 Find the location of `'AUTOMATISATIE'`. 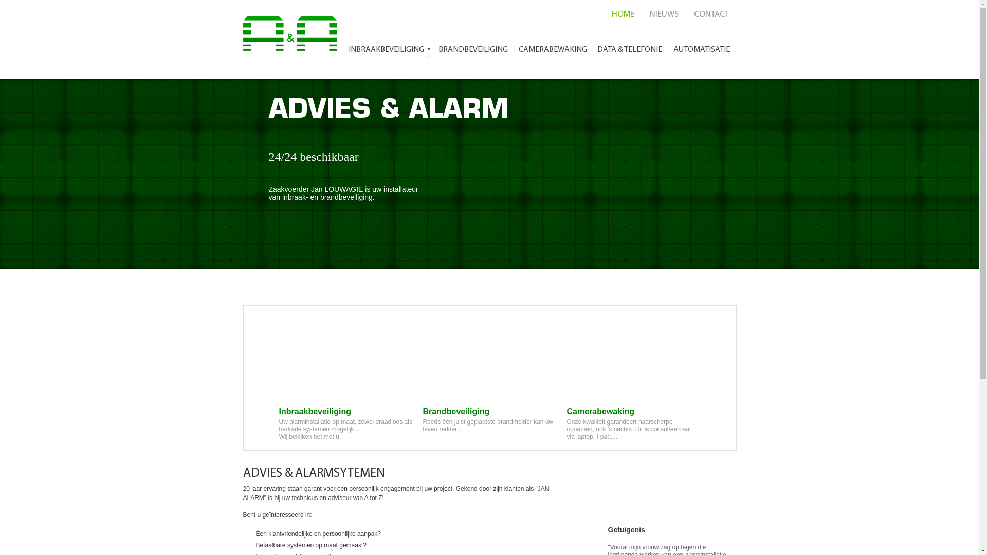

'AUTOMATISATIE' is located at coordinates (667, 51).